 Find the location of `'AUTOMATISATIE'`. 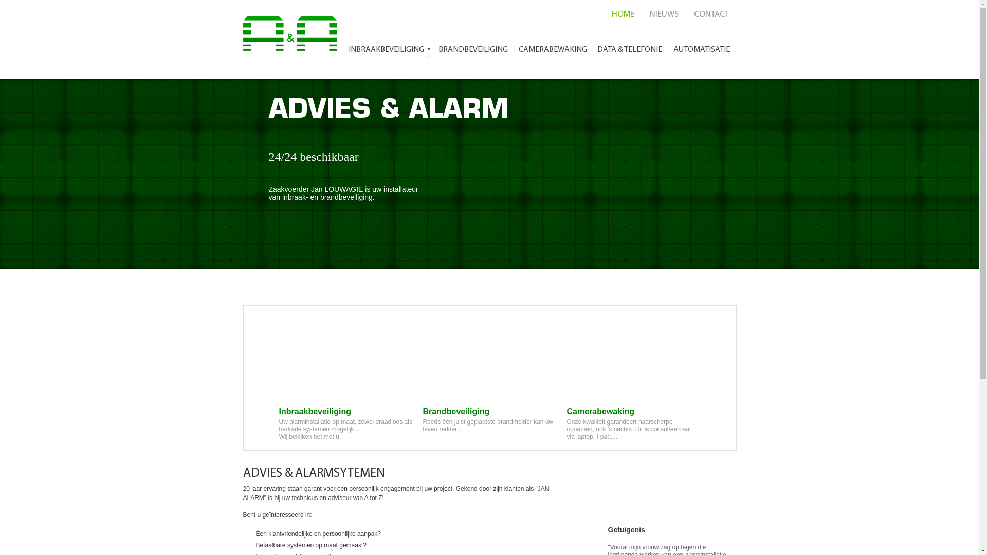

'AUTOMATISATIE' is located at coordinates (667, 51).